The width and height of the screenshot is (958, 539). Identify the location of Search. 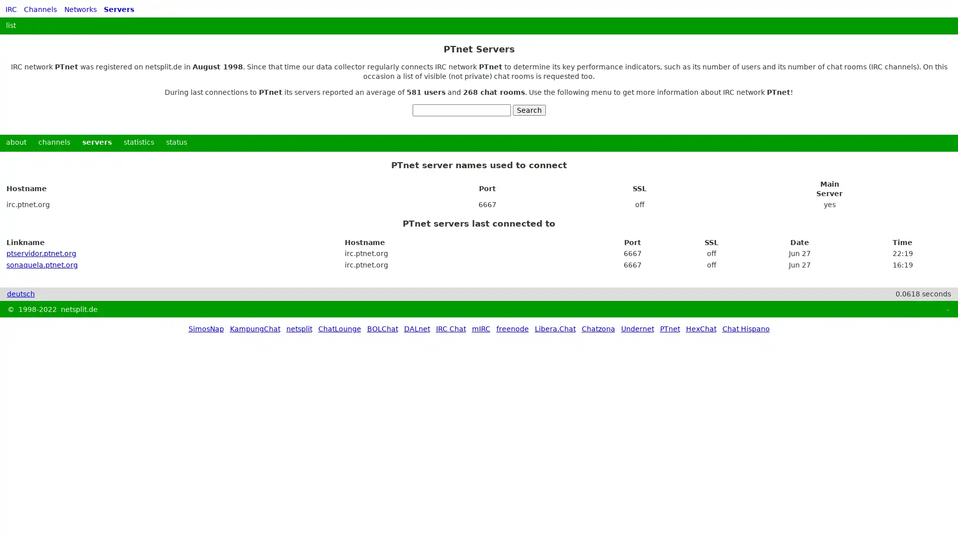
(528, 109).